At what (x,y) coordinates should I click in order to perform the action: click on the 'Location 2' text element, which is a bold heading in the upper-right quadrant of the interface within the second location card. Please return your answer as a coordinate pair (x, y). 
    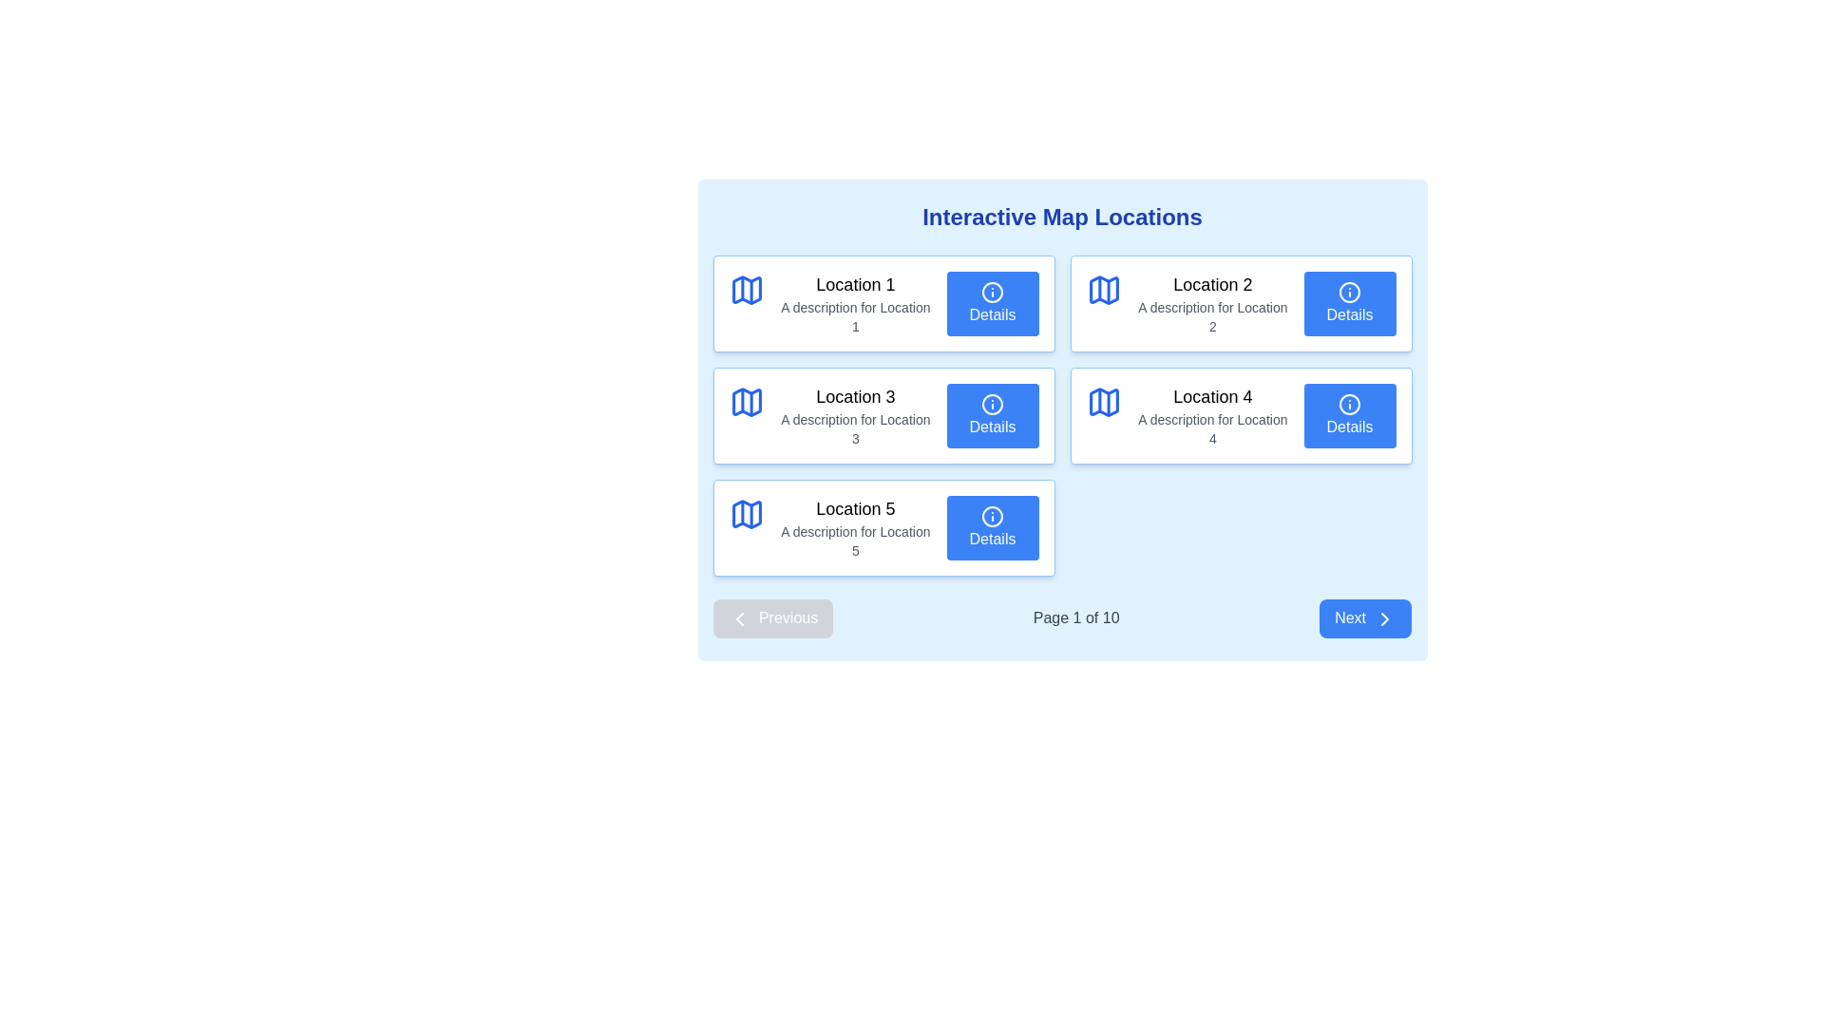
    Looking at the image, I should click on (1211, 285).